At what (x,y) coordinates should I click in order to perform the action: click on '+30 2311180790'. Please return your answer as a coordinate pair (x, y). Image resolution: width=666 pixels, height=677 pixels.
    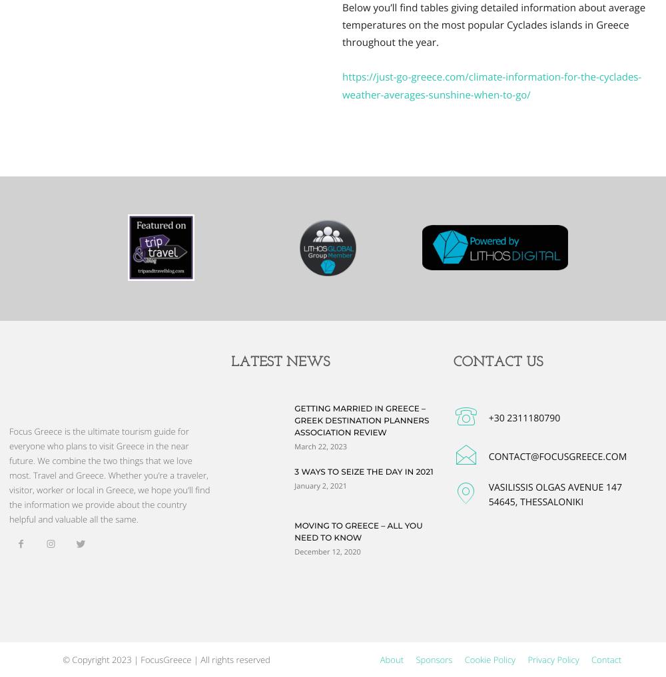
    Looking at the image, I should click on (524, 417).